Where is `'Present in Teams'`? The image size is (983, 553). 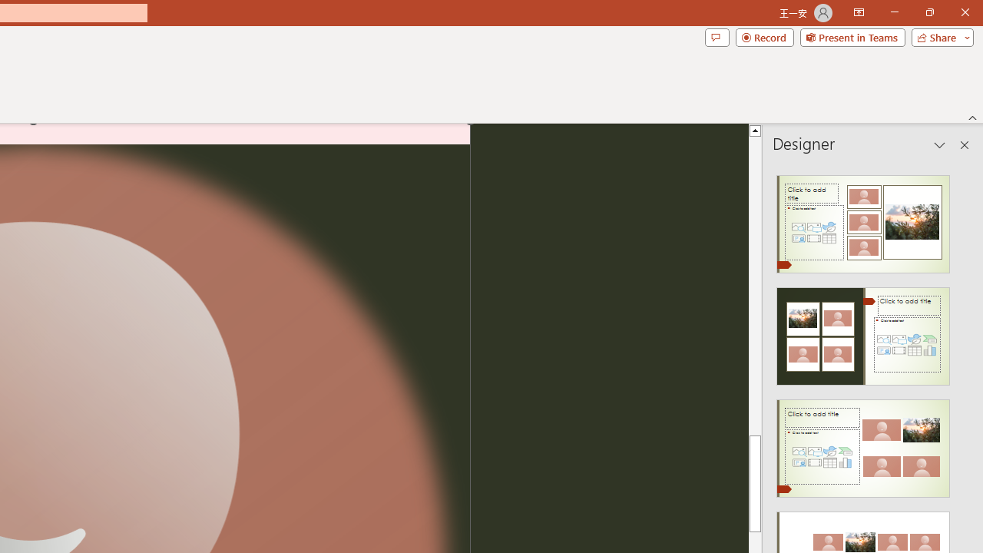 'Present in Teams' is located at coordinates (852, 36).